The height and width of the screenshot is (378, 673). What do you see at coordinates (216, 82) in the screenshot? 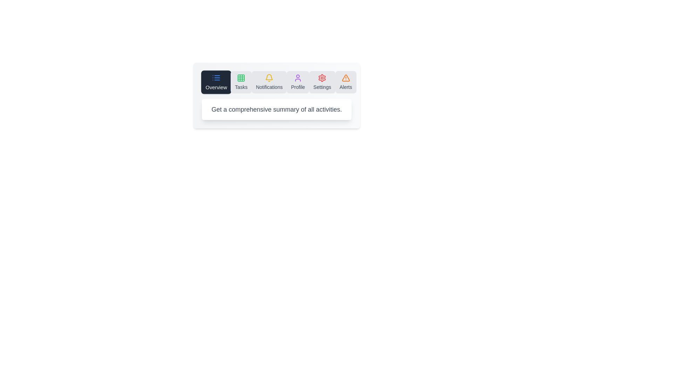
I see `the icon to switch to the Overview section` at bounding box center [216, 82].